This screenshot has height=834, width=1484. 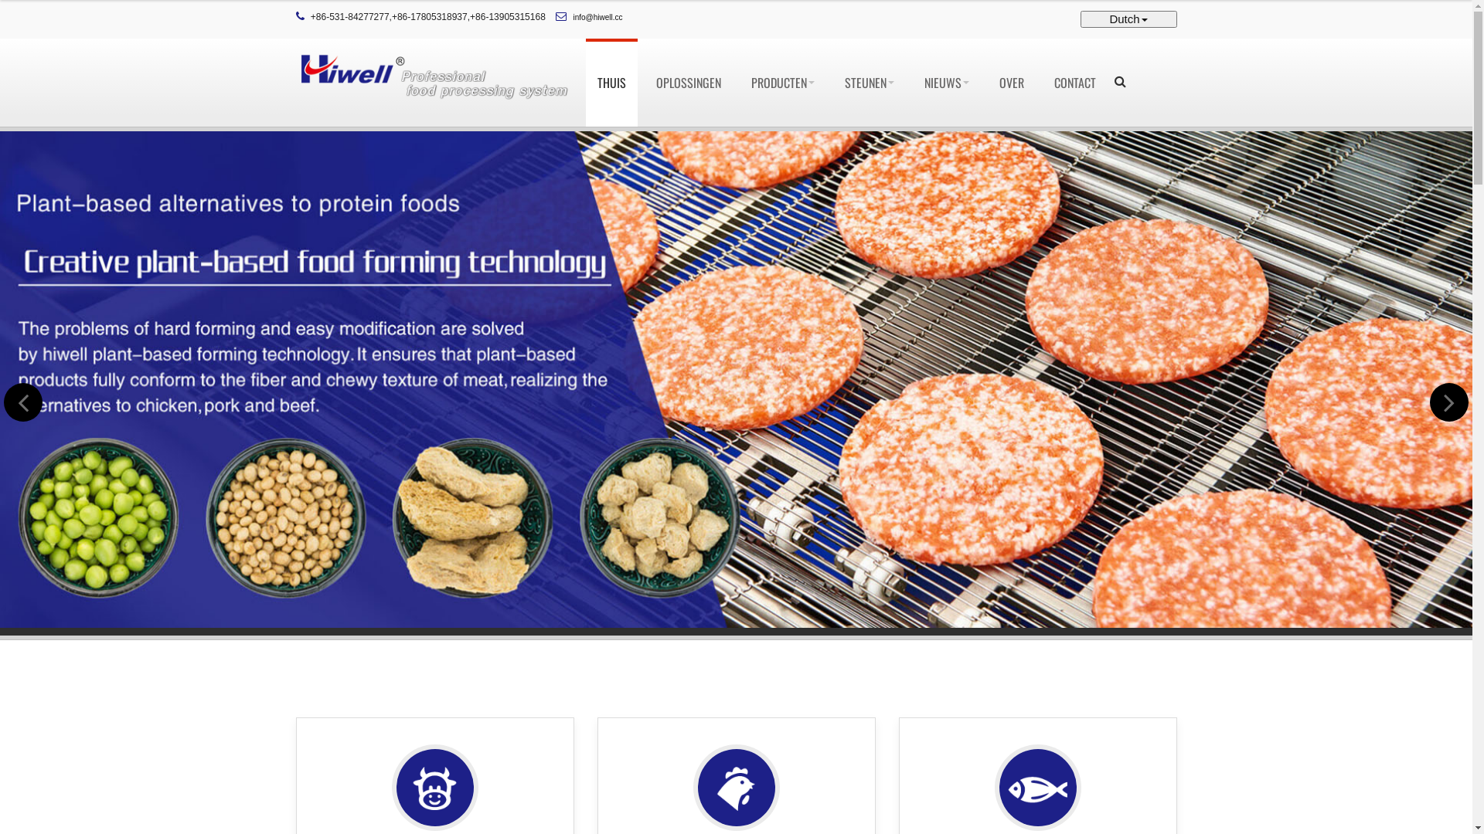 What do you see at coordinates (782, 83) in the screenshot?
I see `'PRODUCTEN'` at bounding box center [782, 83].